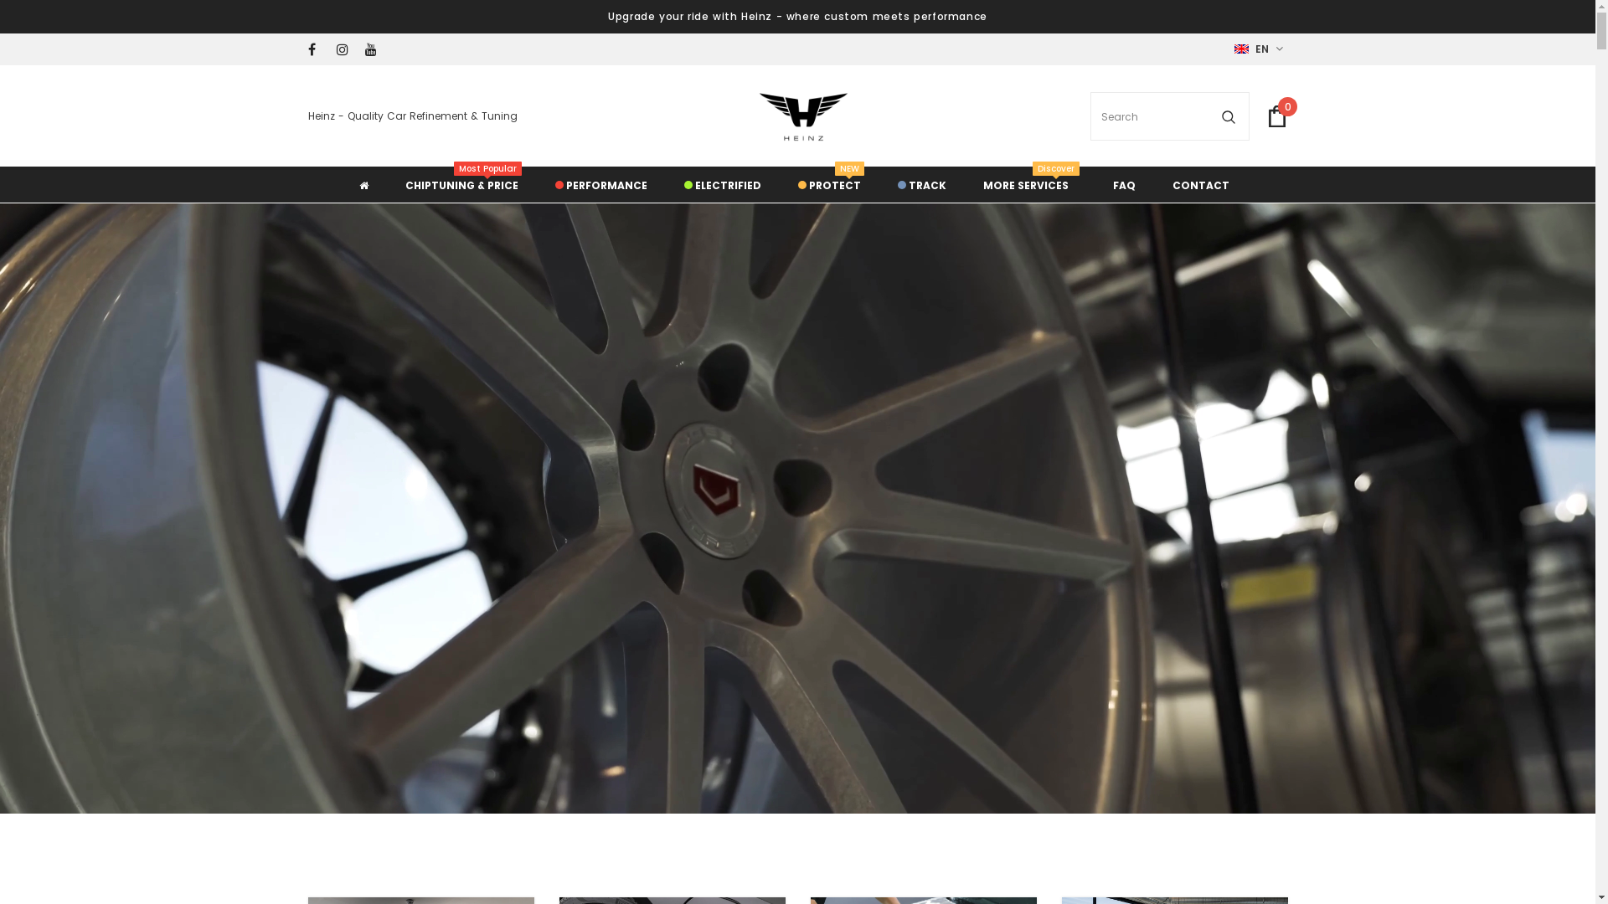 The height and width of the screenshot is (904, 1608). I want to click on 'PROTECT, so click(828, 183).